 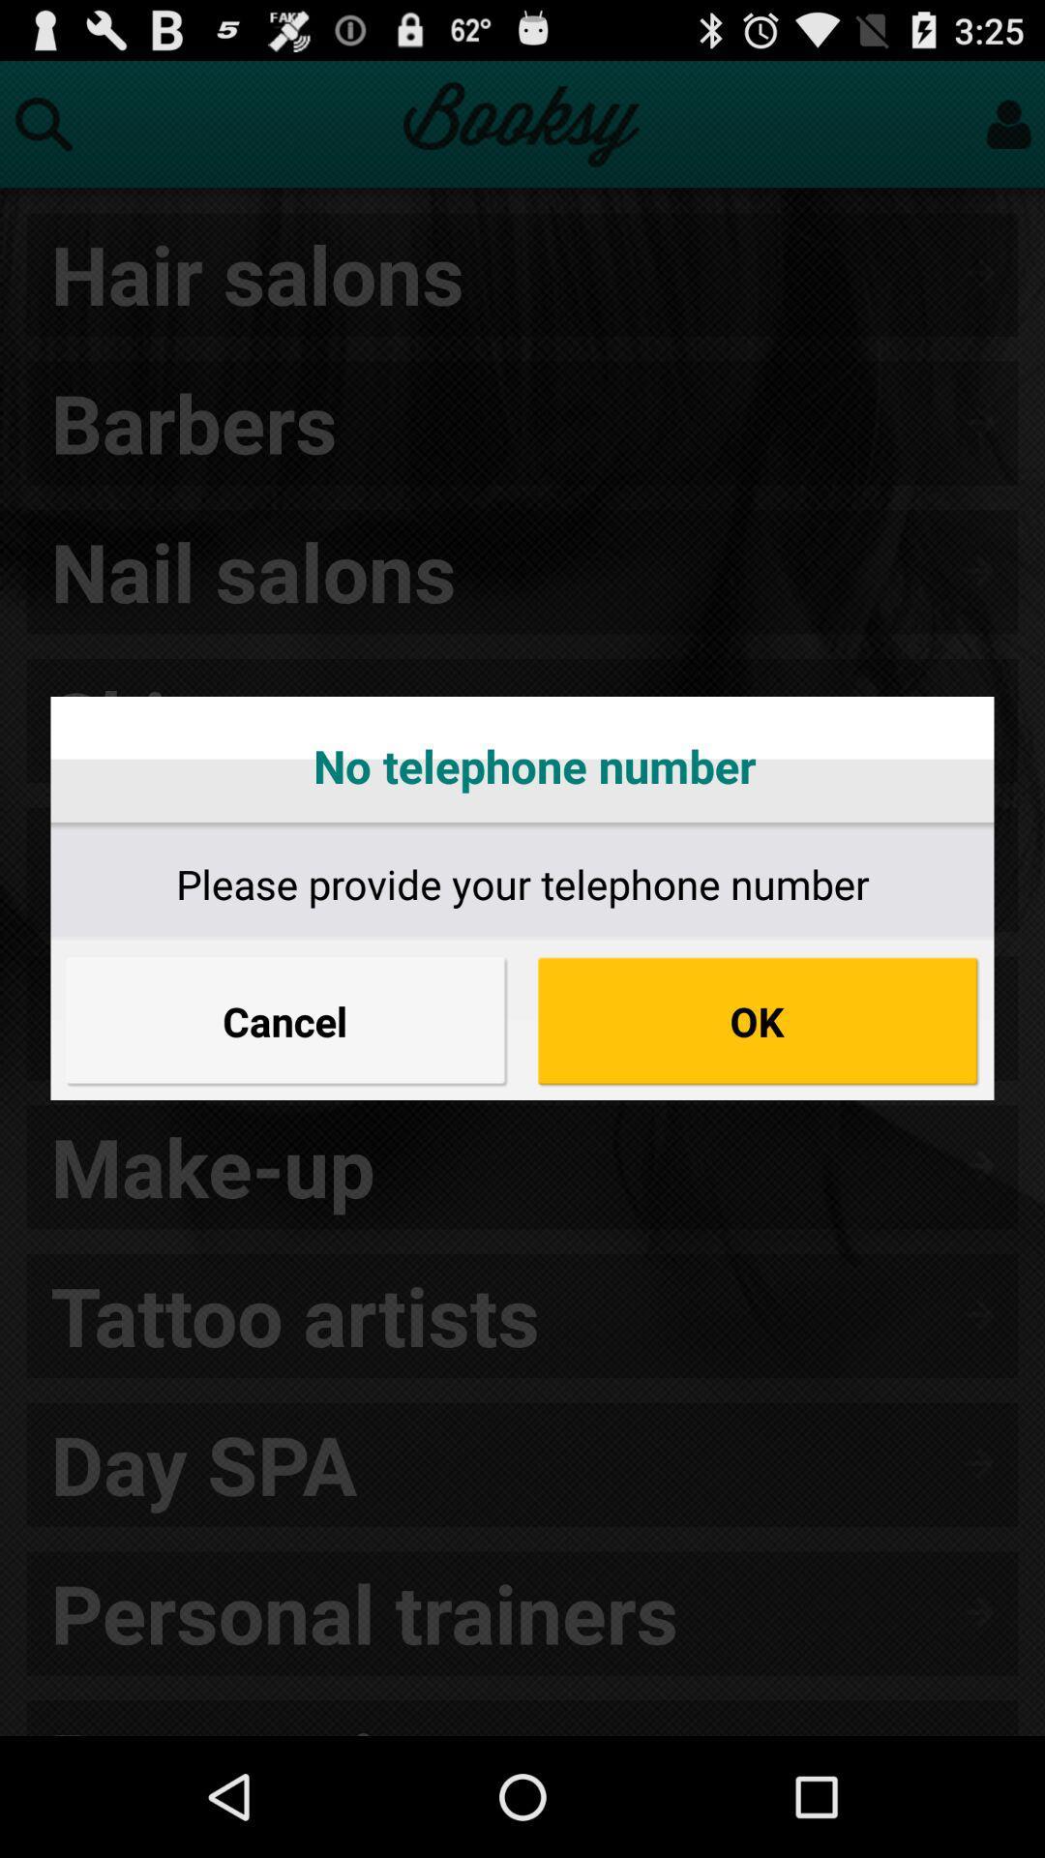 What do you see at coordinates (757, 1020) in the screenshot?
I see `the icon below the please provide your` at bounding box center [757, 1020].